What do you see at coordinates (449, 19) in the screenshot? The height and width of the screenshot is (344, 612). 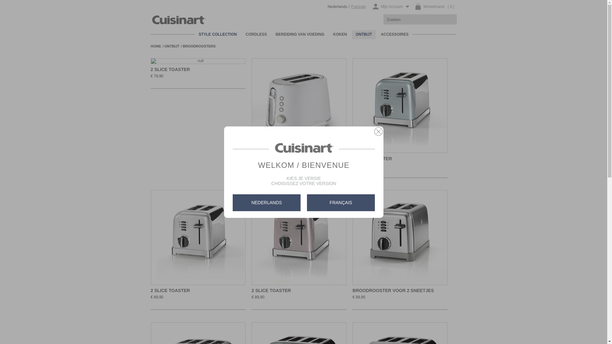 I see `'ZOEKEN'` at bounding box center [449, 19].